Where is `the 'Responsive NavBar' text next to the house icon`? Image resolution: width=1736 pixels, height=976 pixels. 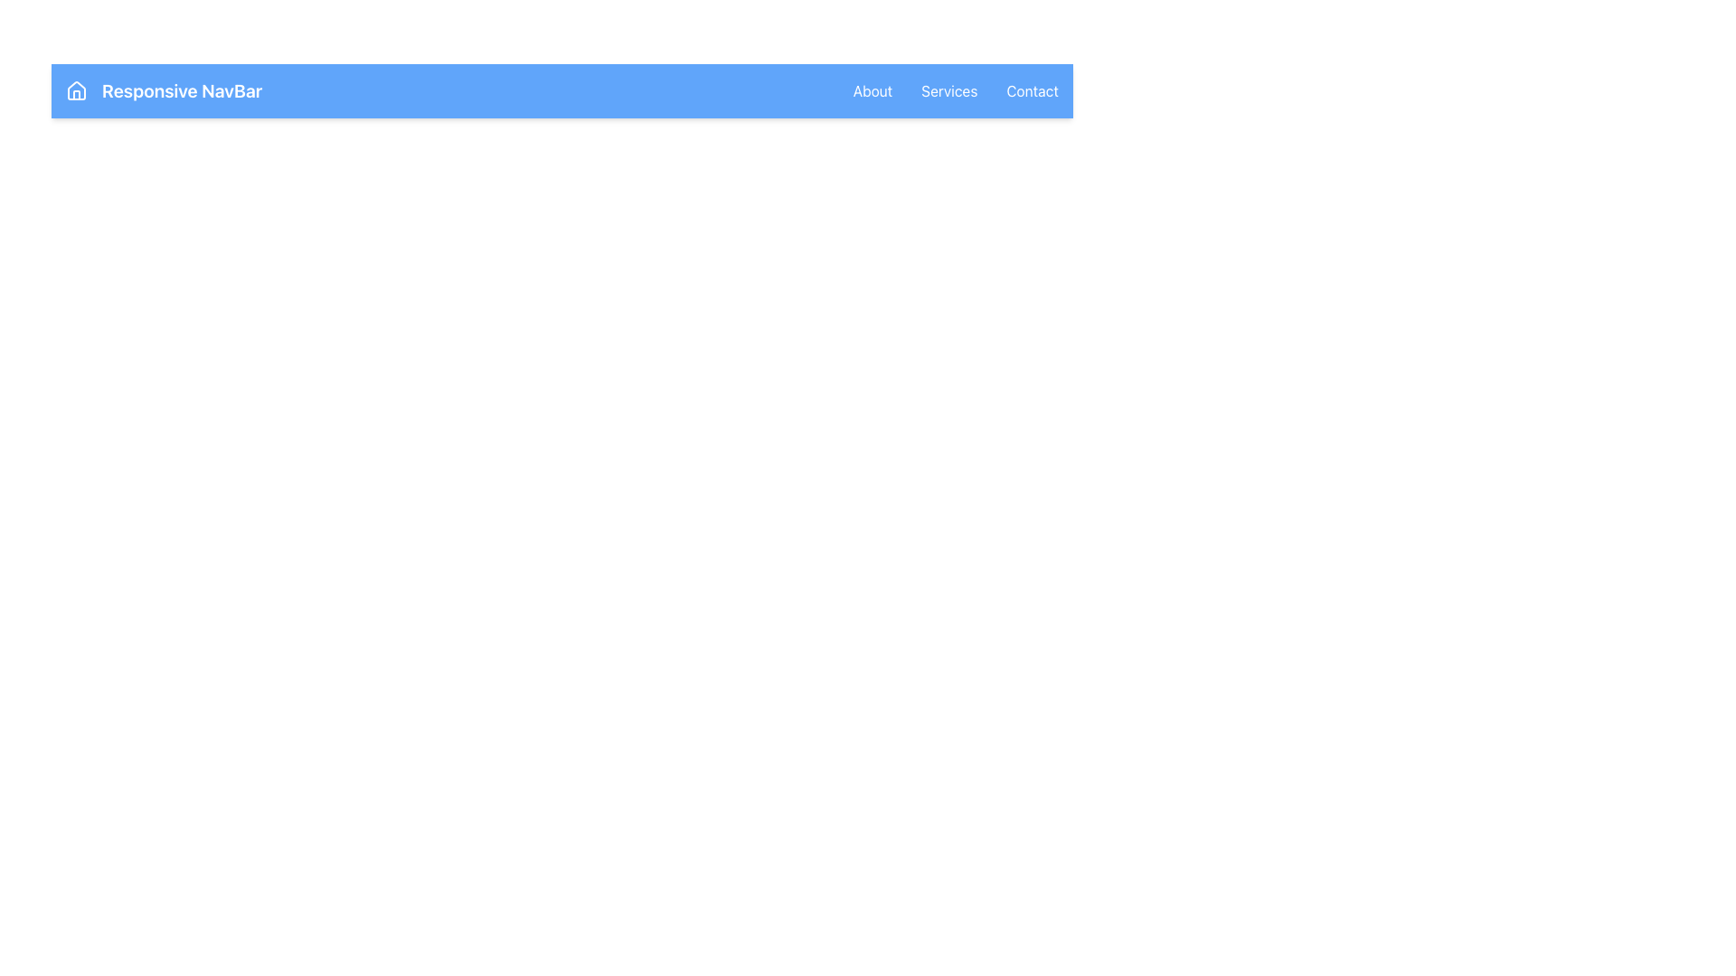 the 'Responsive NavBar' text next to the house icon is located at coordinates (164, 90).